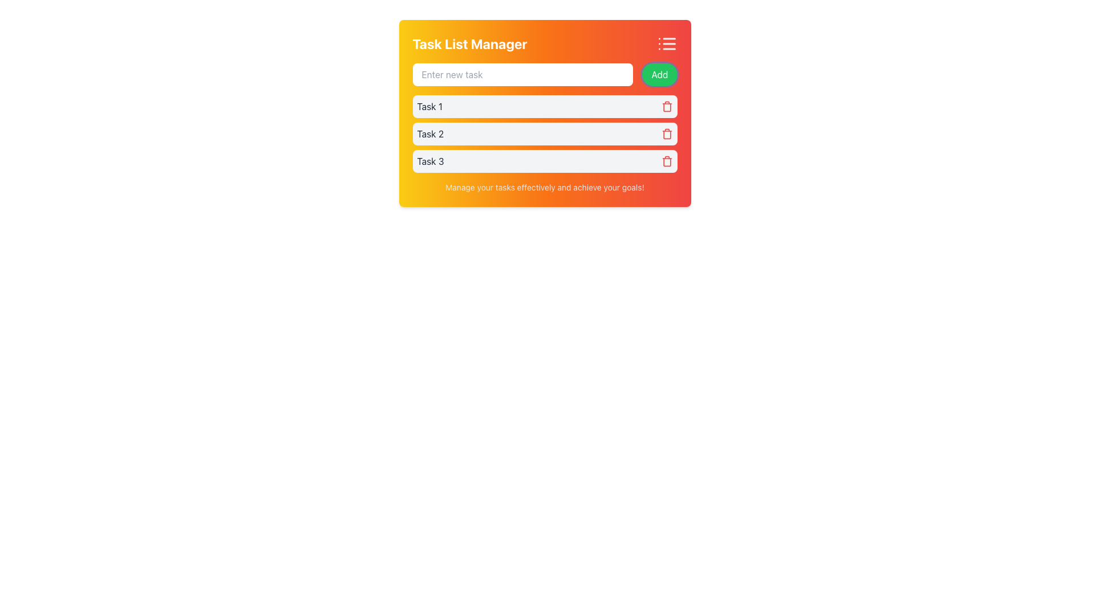 The width and height of the screenshot is (1095, 616). Describe the element at coordinates (667, 133) in the screenshot. I see `the delete button for 'Task 2'` at that location.